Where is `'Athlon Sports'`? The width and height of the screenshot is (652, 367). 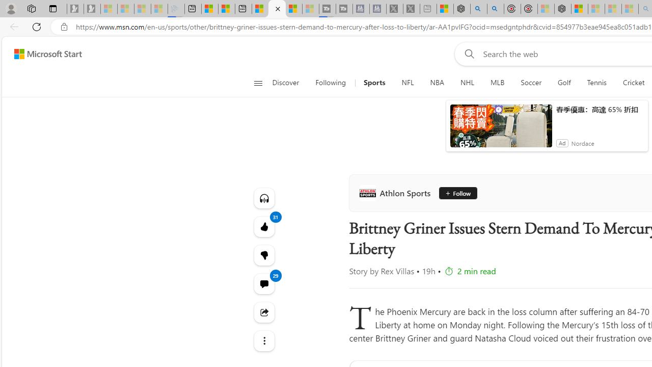
'Athlon Sports' is located at coordinates (396, 193).